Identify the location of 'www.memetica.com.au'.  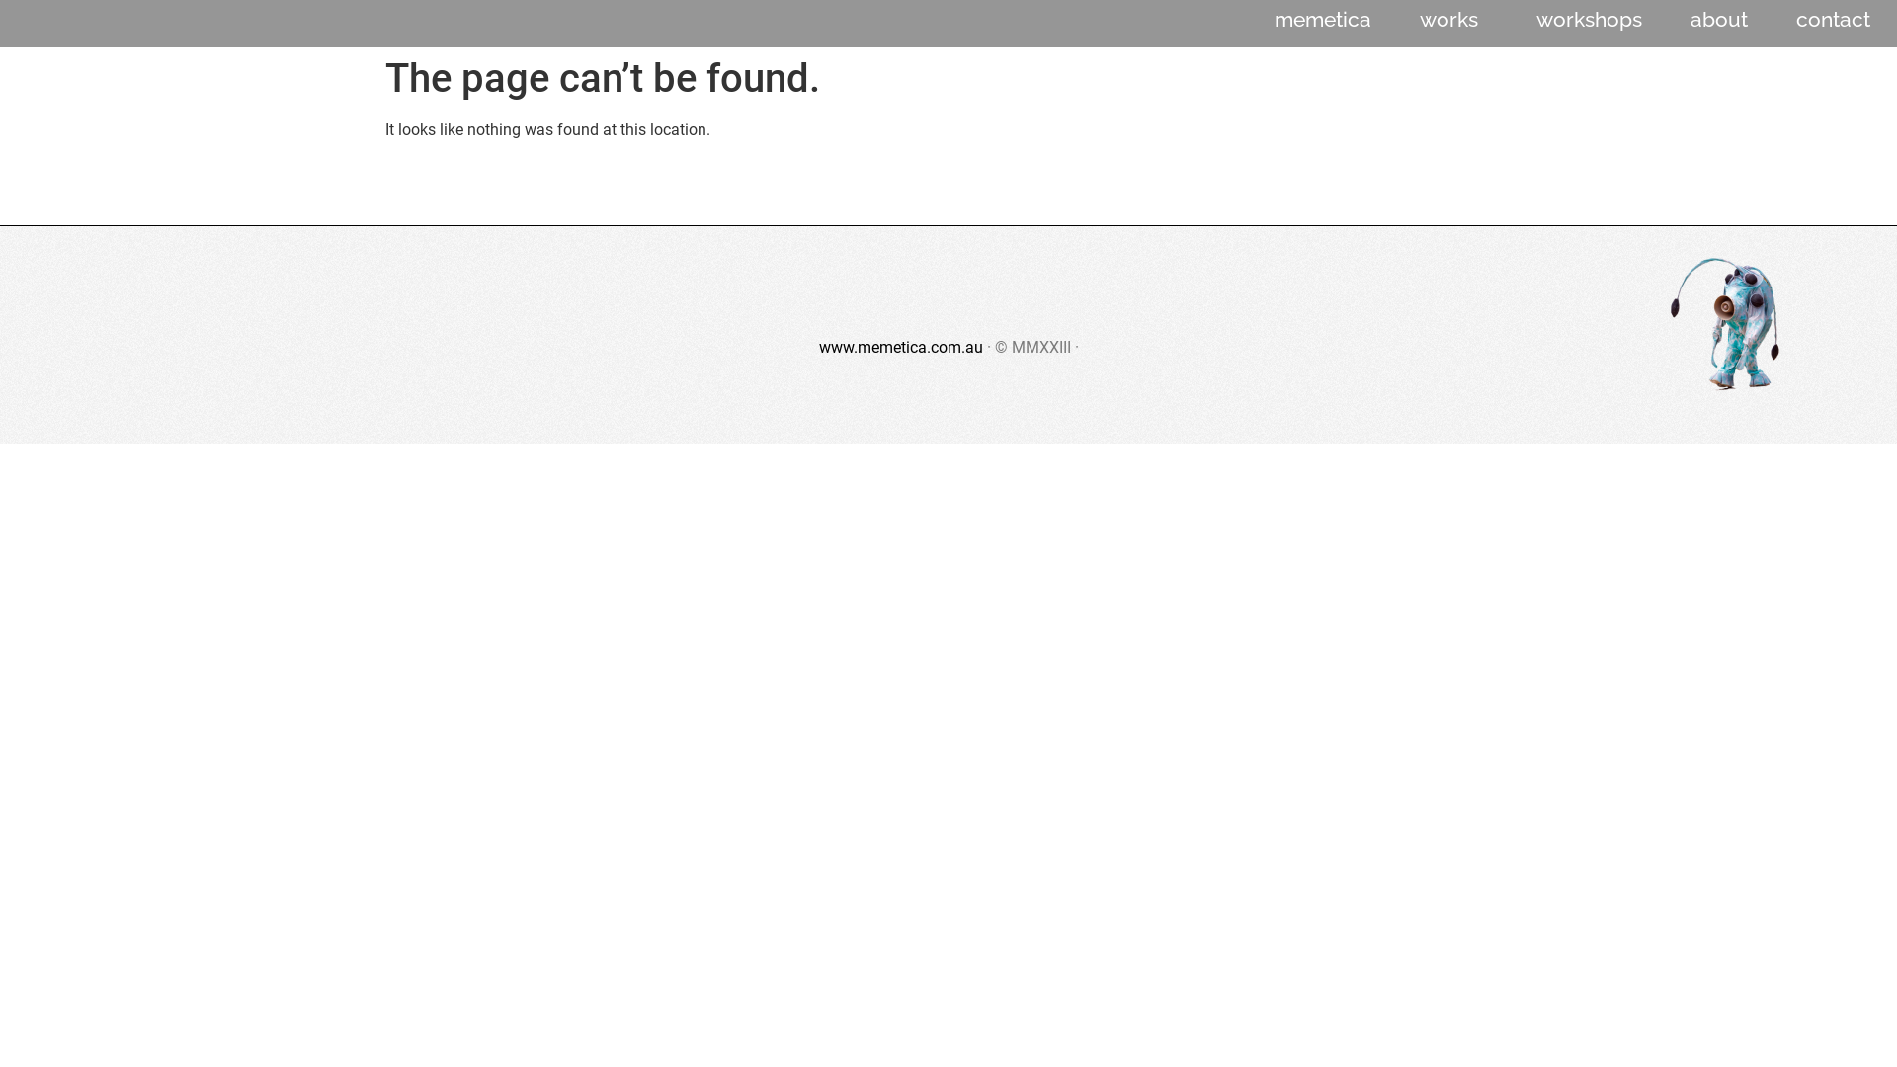
(899, 346).